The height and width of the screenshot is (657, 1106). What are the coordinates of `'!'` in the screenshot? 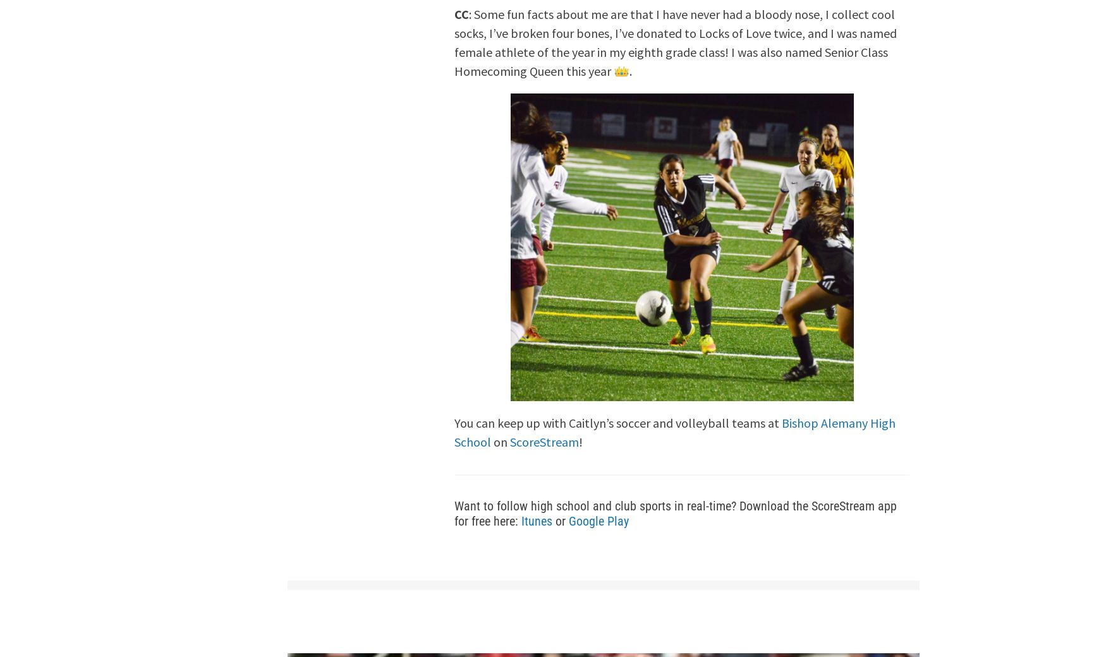 It's located at (580, 442).